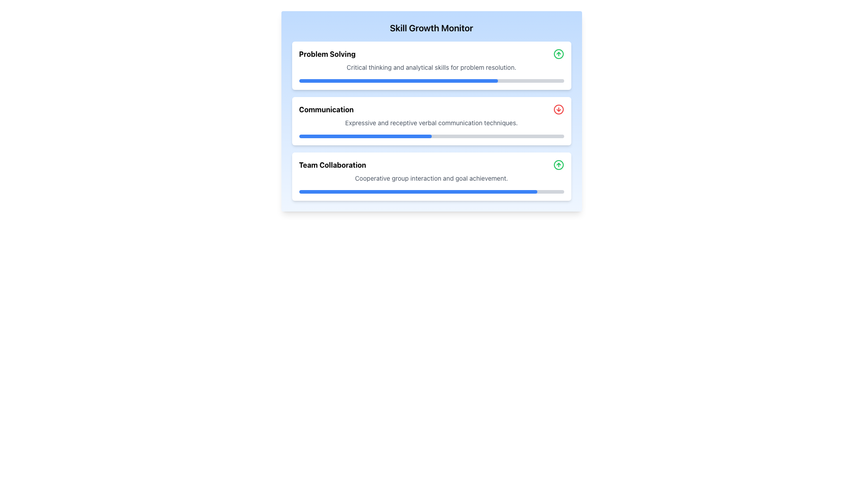 The height and width of the screenshot is (483, 859). I want to click on the upward-pointing arrow icon encircled by a green circle located on the rightmost side of the 'Team Collaboration' section, so click(558, 165).